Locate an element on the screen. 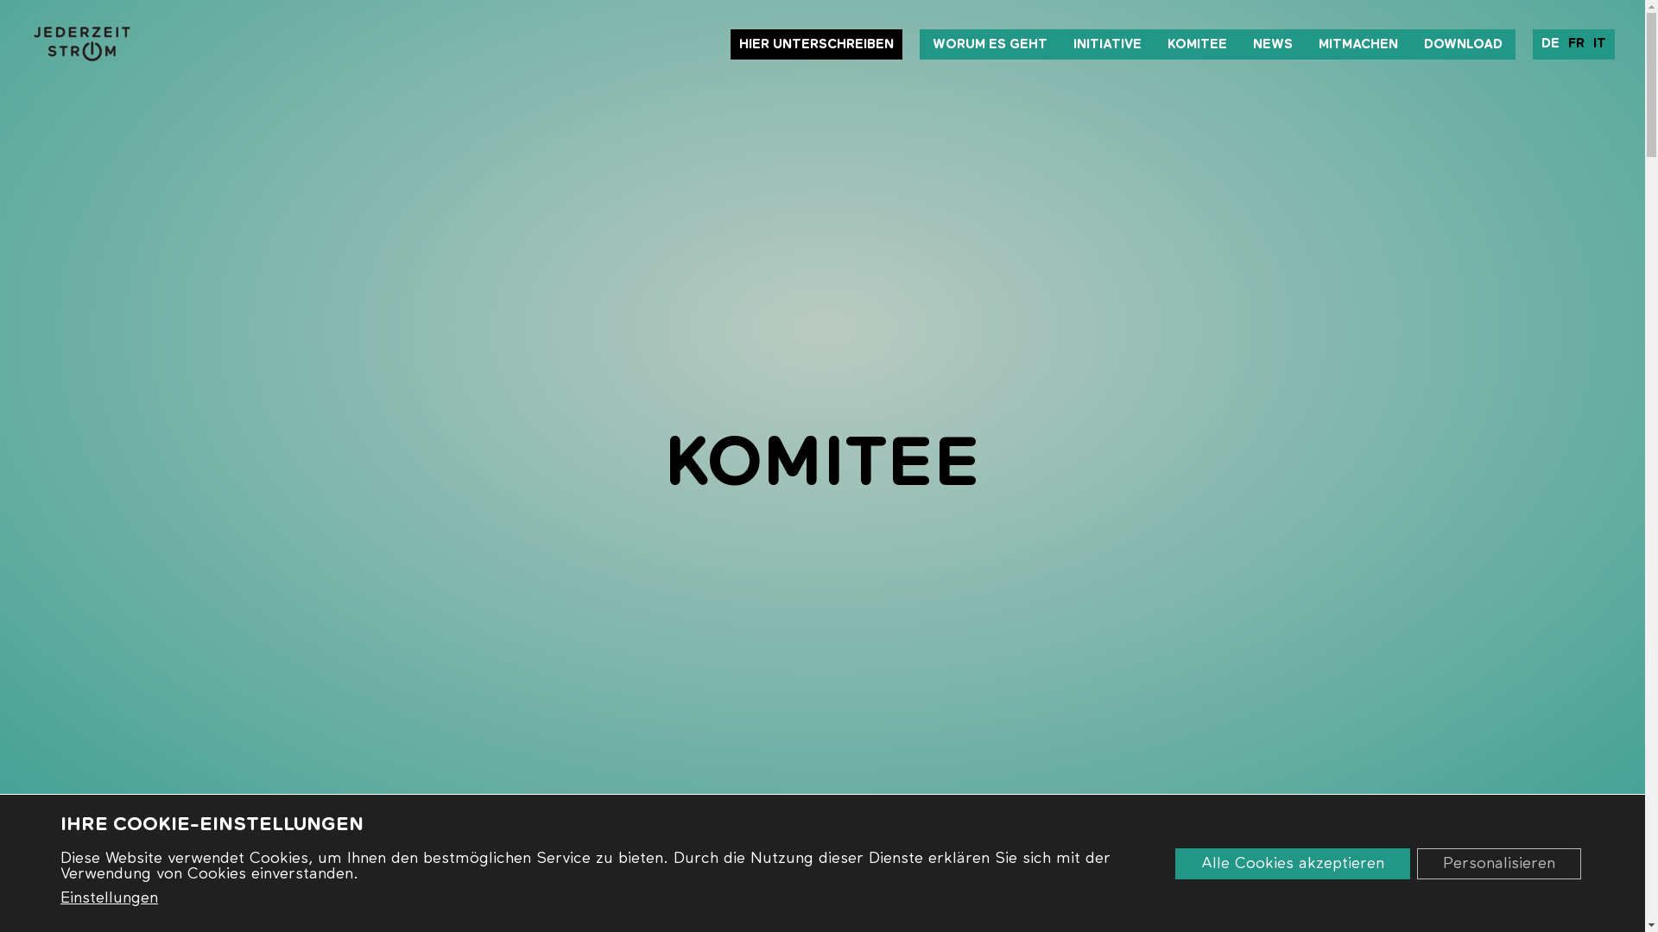 The width and height of the screenshot is (1658, 932). 'MITMACHEN' is located at coordinates (1357, 43).